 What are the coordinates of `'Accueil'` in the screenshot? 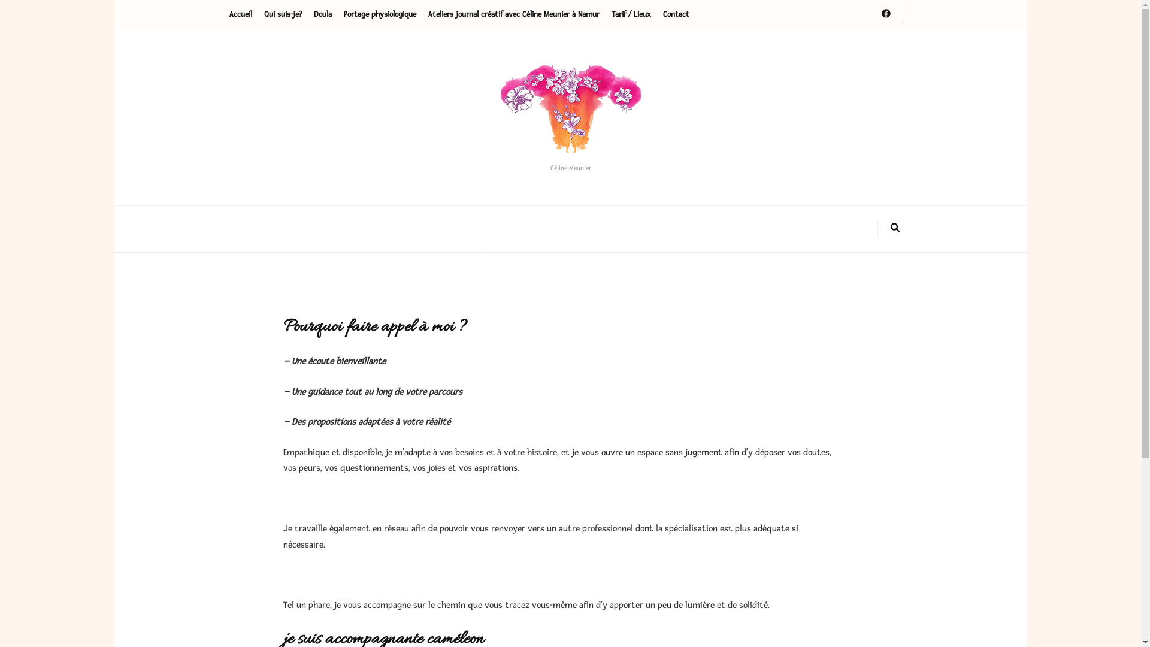 It's located at (240, 14).